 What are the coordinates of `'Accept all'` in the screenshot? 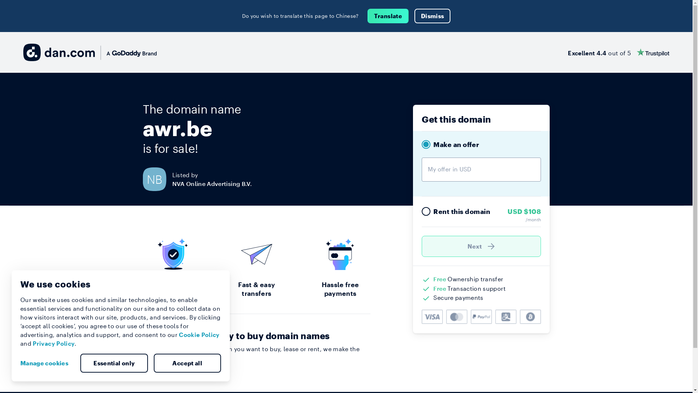 It's located at (187, 363).